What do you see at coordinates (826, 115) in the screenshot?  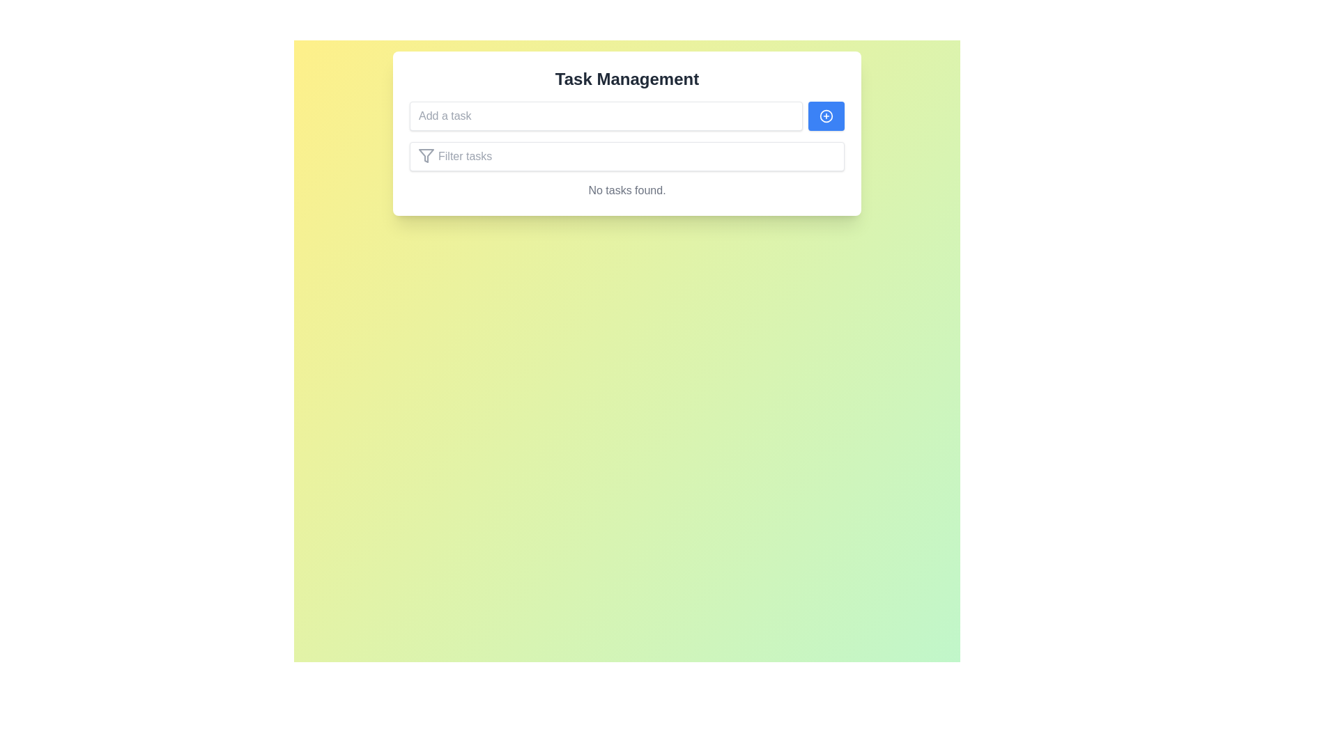 I see `the rectangular button with rounded corners and a blue background that features a circular plus sign icon, located to the right of the 'Add a task' text input field` at bounding box center [826, 115].